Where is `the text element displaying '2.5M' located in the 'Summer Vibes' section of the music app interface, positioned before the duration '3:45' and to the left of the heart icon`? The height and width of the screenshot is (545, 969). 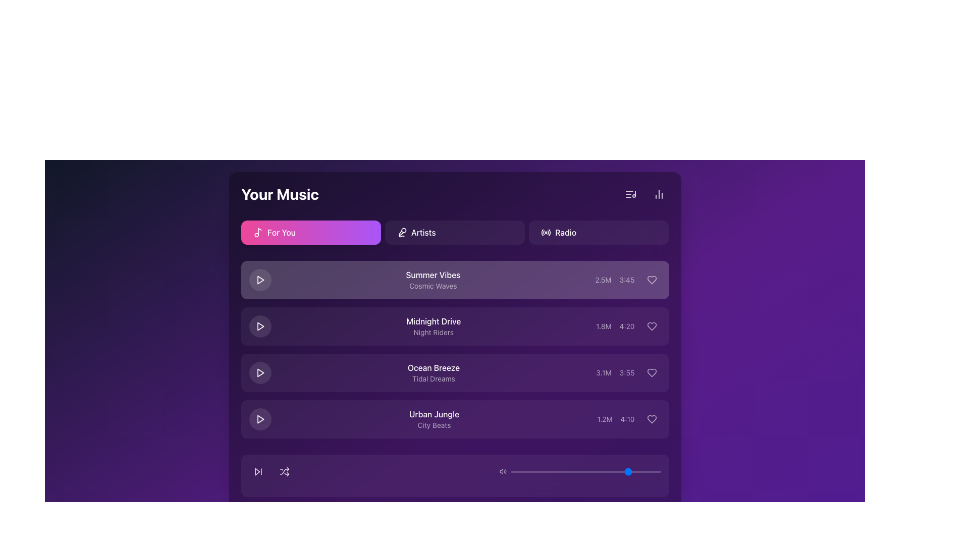
the text element displaying '2.5M' located in the 'Summer Vibes' section of the music app interface, positioned before the duration '3:45' and to the left of the heart icon is located at coordinates (603, 280).